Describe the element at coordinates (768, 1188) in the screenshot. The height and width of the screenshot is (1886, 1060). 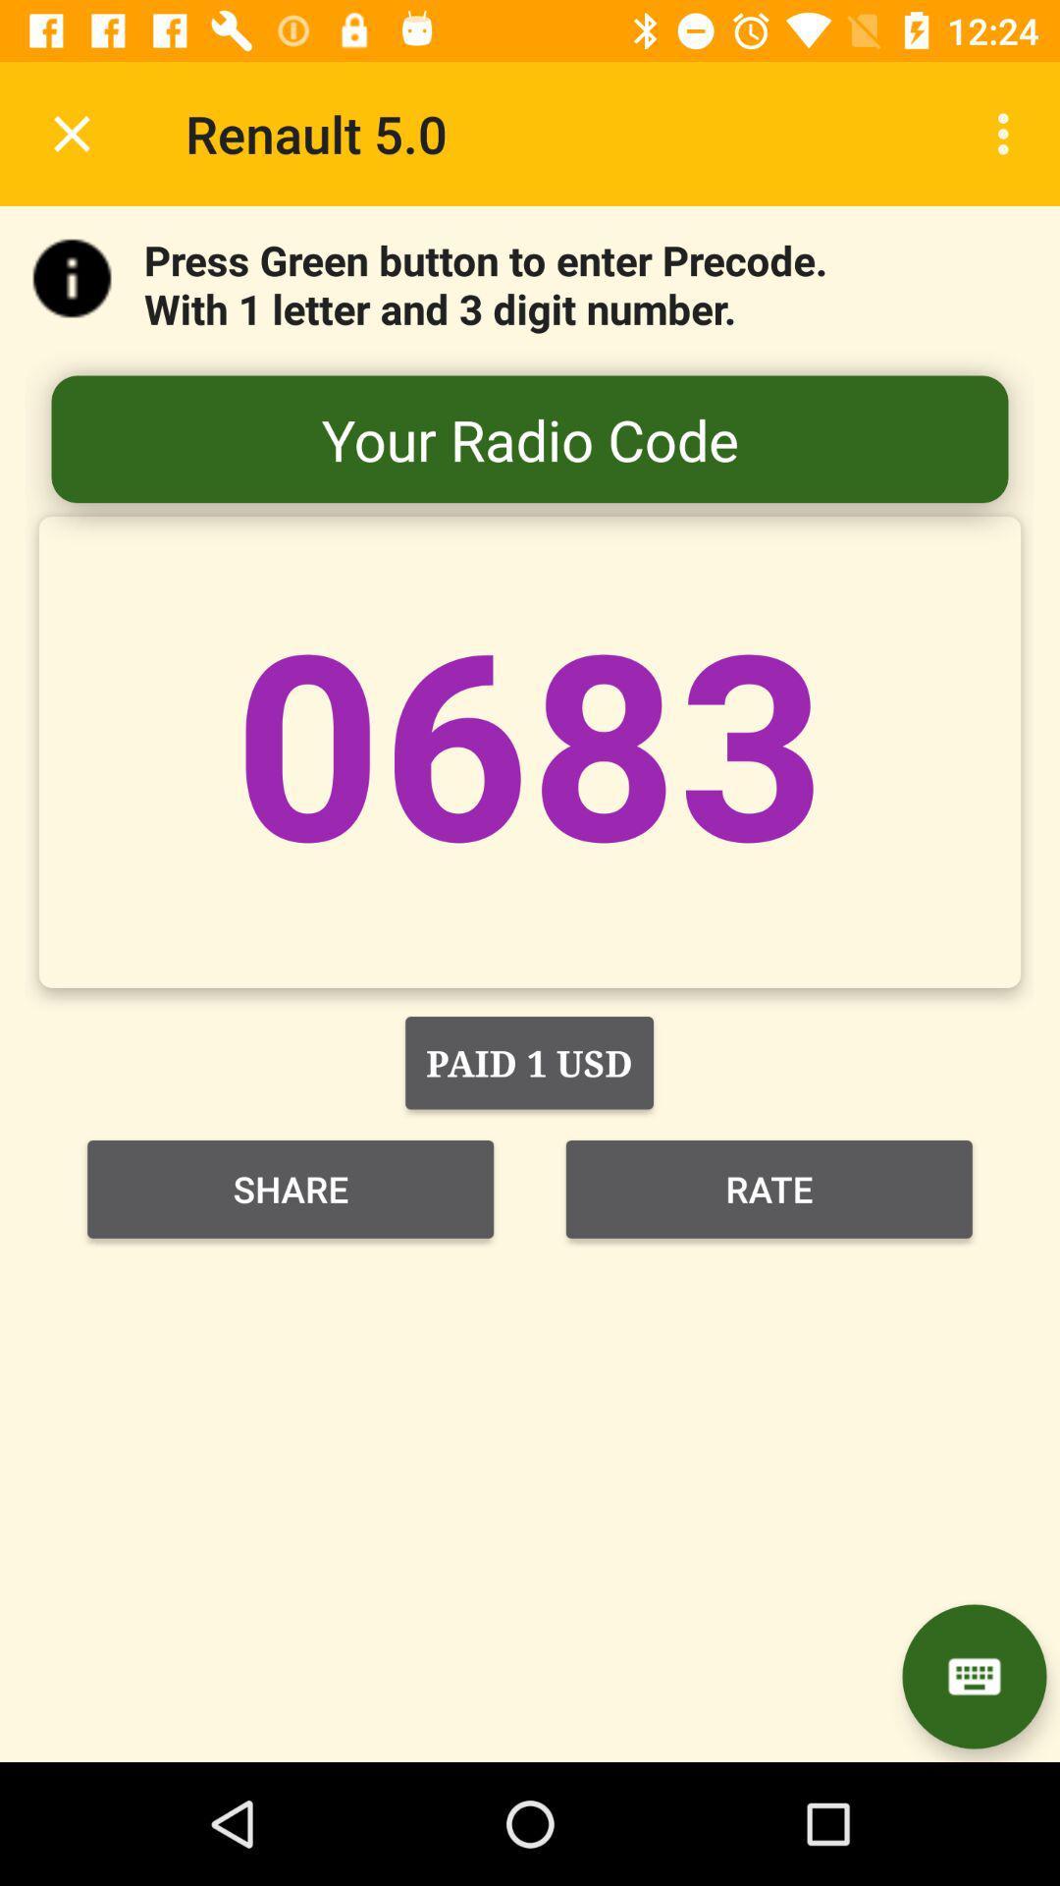
I see `item below the paid 1 usd item` at that location.